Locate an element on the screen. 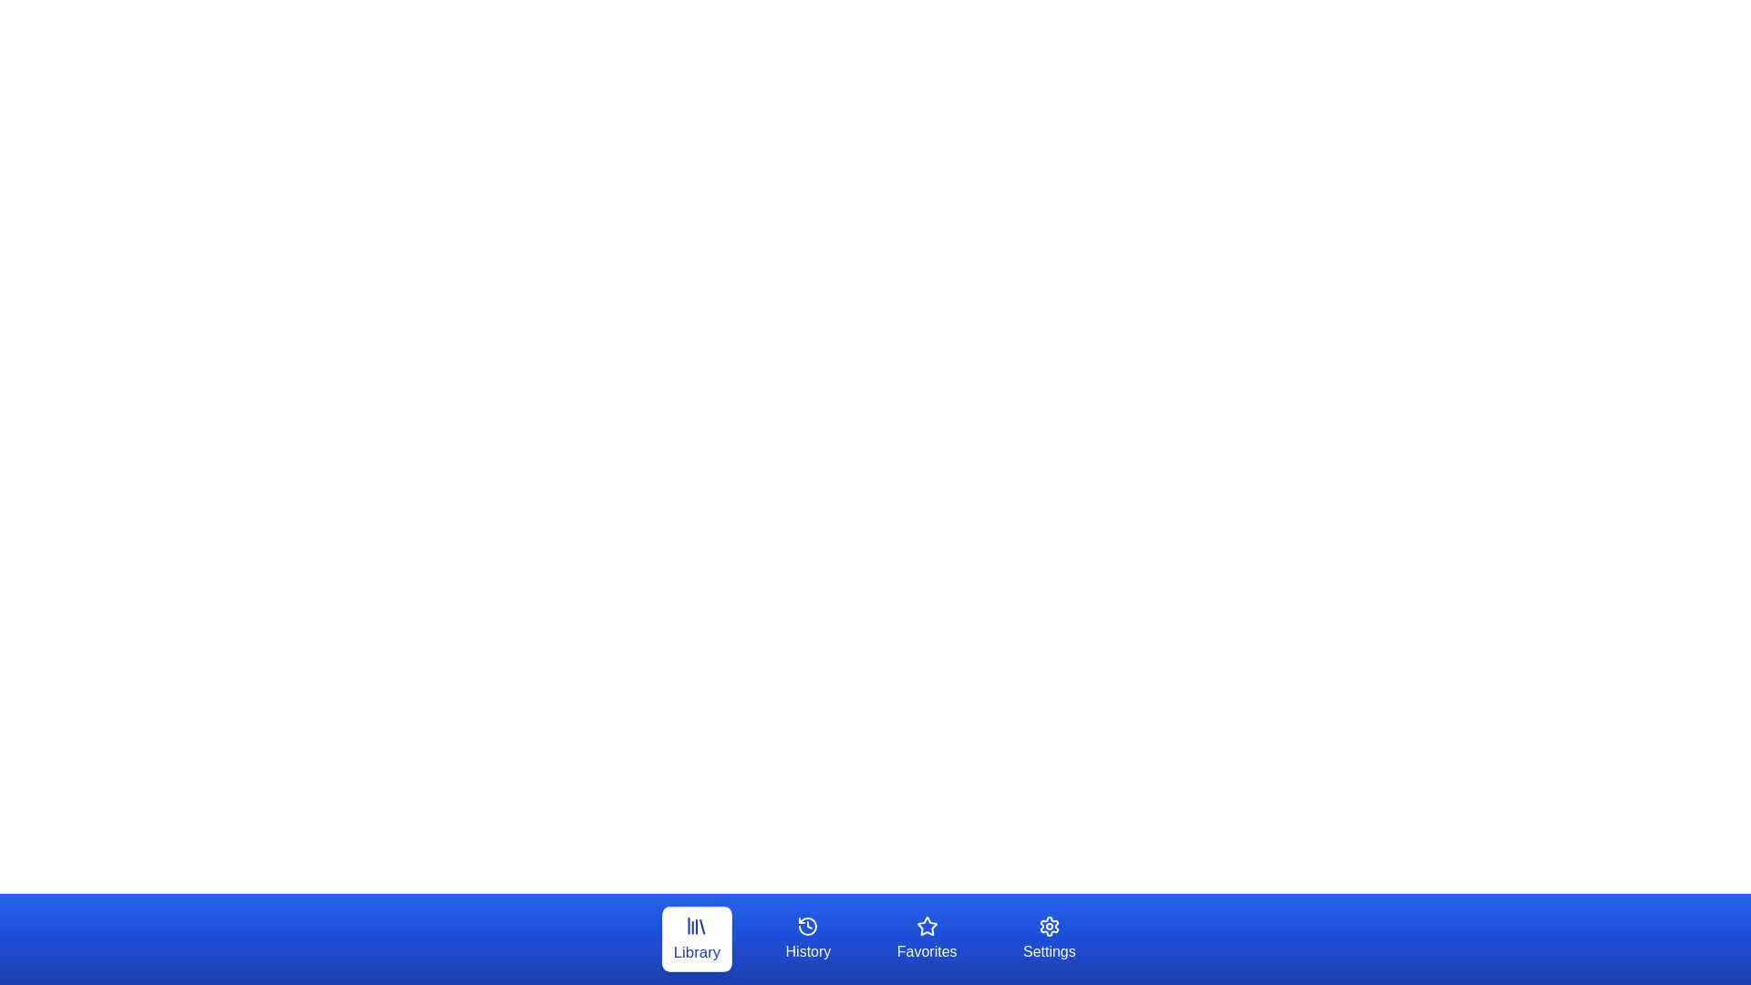  the tab labeled Settings is located at coordinates (1049, 938).